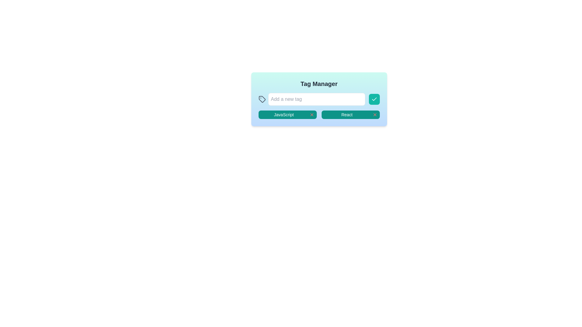  What do you see at coordinates (262, 99) in the screenshot?
I see `the decorative tag icon located to the left of the 'Add a new tag' input field in the 'Tag Manager' interface, which symbolizes the tagging functionality` at bounding box center [262, 99].